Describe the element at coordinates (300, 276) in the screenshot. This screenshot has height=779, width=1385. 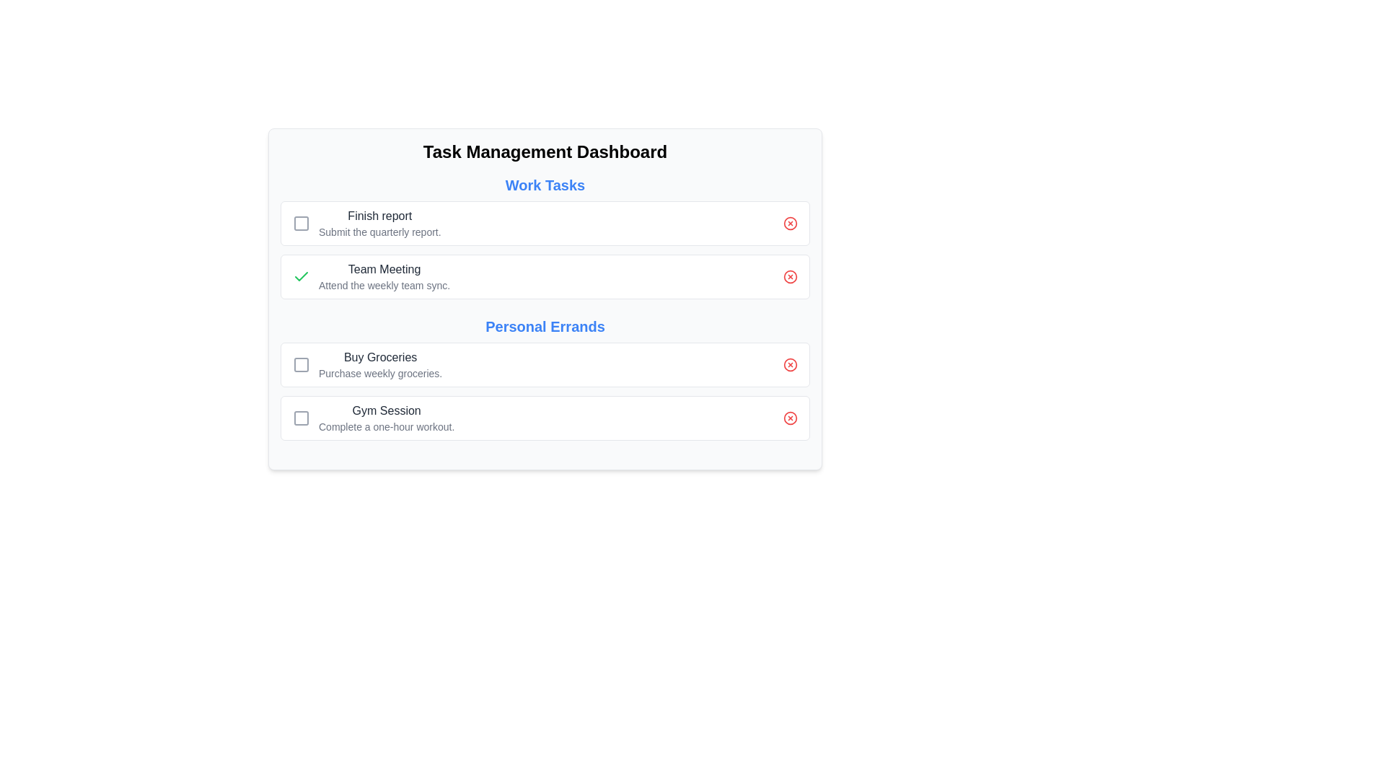
I see `the green checkmark icon located in the top-right section of the 'Team Meeting' task card within the 'Work Tasks' category` at that location.